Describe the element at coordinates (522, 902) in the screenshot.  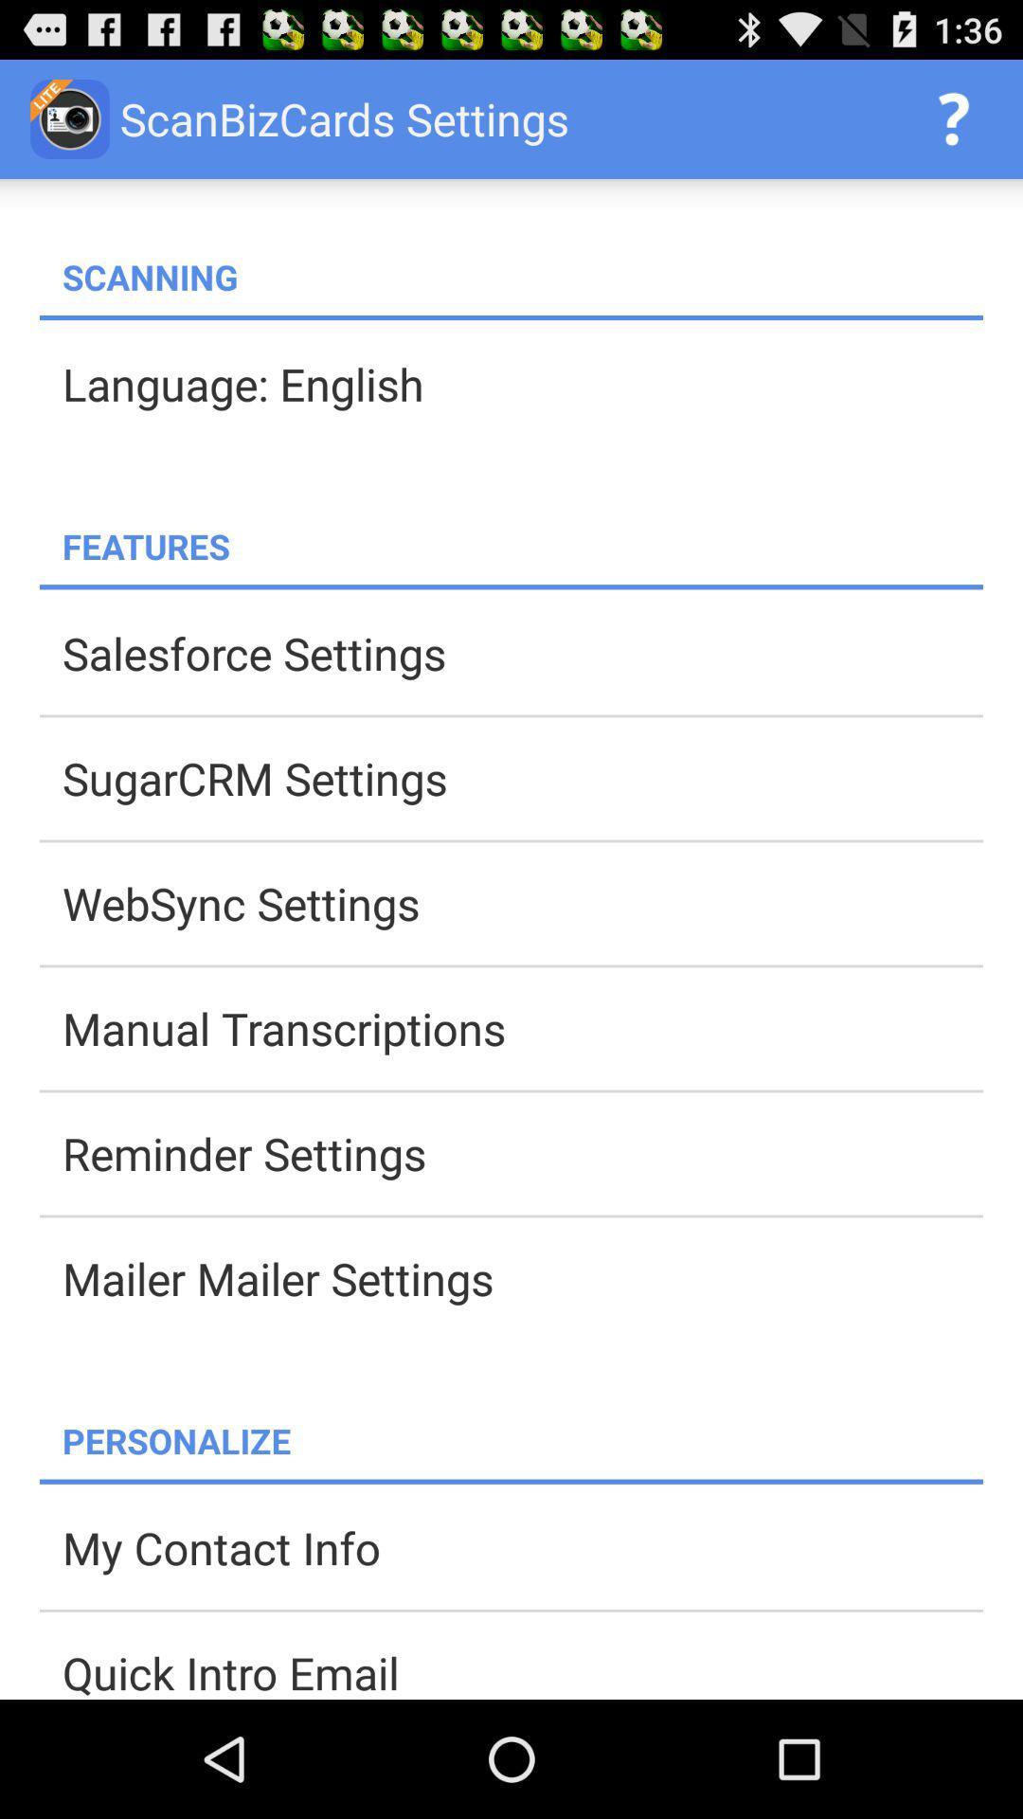
I see `websync settings icon` at that location.